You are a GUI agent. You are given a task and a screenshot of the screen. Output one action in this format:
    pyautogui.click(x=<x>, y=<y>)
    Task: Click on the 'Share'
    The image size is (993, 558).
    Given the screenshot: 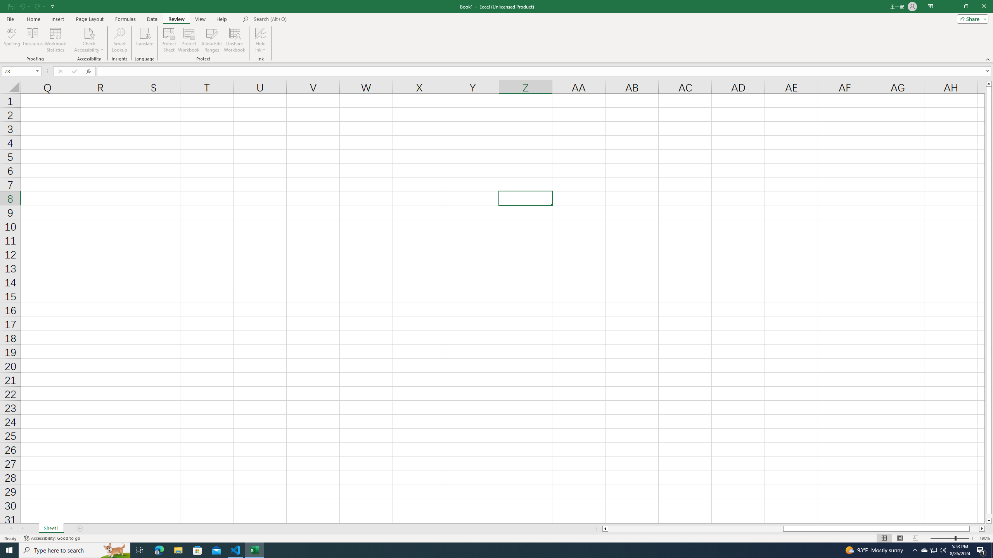 What is the action you would take?
    pyautogui.click(x=971, y=18)
    